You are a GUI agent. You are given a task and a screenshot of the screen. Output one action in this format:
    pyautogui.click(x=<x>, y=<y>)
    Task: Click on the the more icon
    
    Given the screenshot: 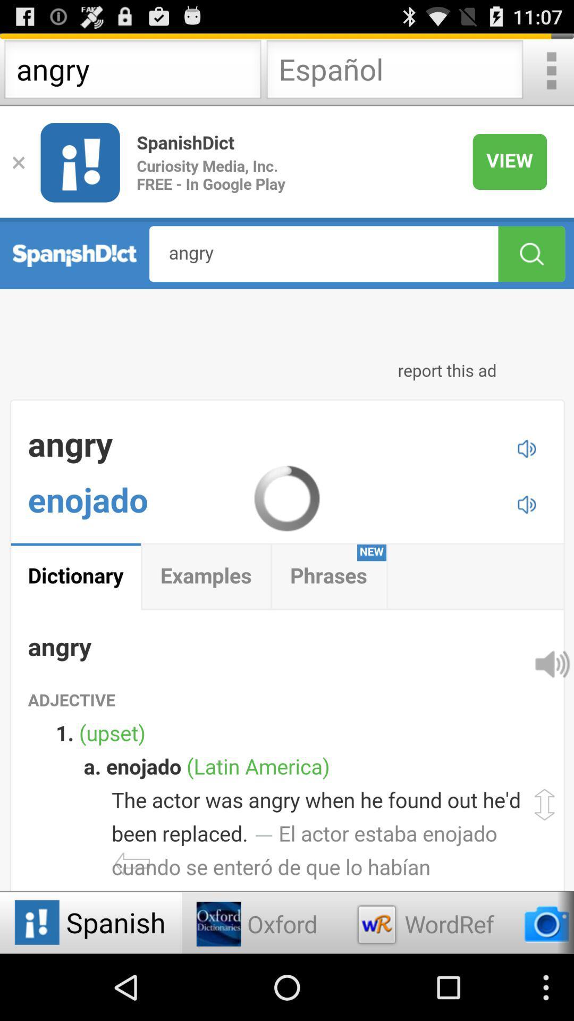 What is the action you would take?
    pyautogui.click(x=550, y=77)
    